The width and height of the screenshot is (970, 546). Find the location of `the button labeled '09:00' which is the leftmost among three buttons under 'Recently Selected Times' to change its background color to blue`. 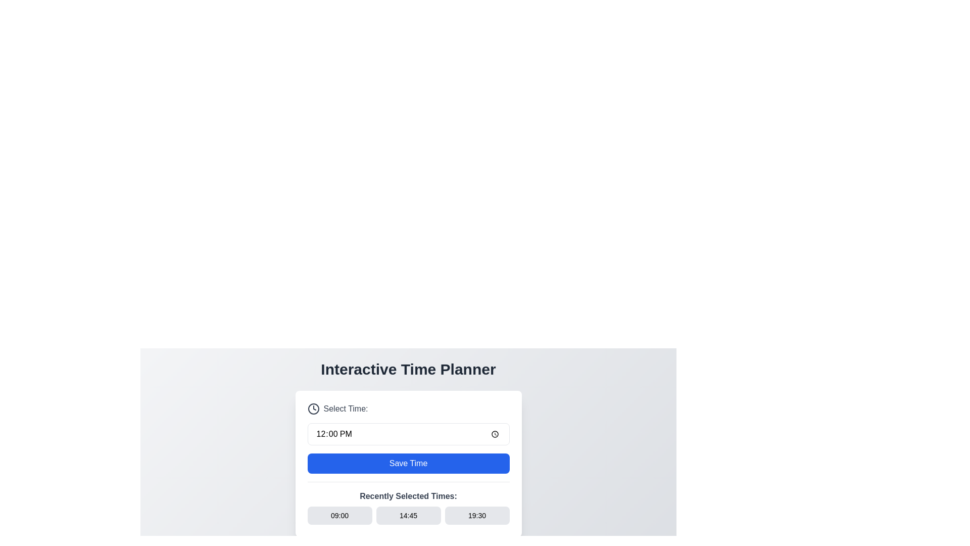

the button labeled '09:00' which is the leftmost among three buttons under 'Recently Selected Times' to change its background color to blue is located at coordinates (339, 515).